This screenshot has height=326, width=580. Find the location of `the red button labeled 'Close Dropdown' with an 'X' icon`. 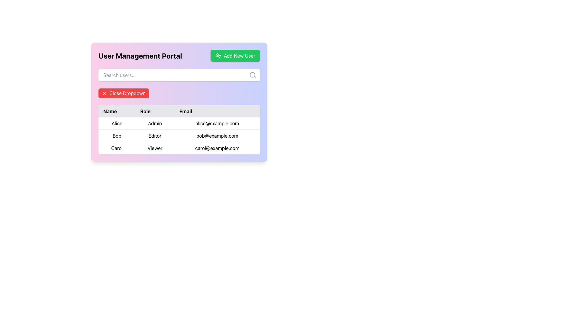

the red button labeled 'Close Dropdown' with an 'X' icon is located at coordinates (123, 93).